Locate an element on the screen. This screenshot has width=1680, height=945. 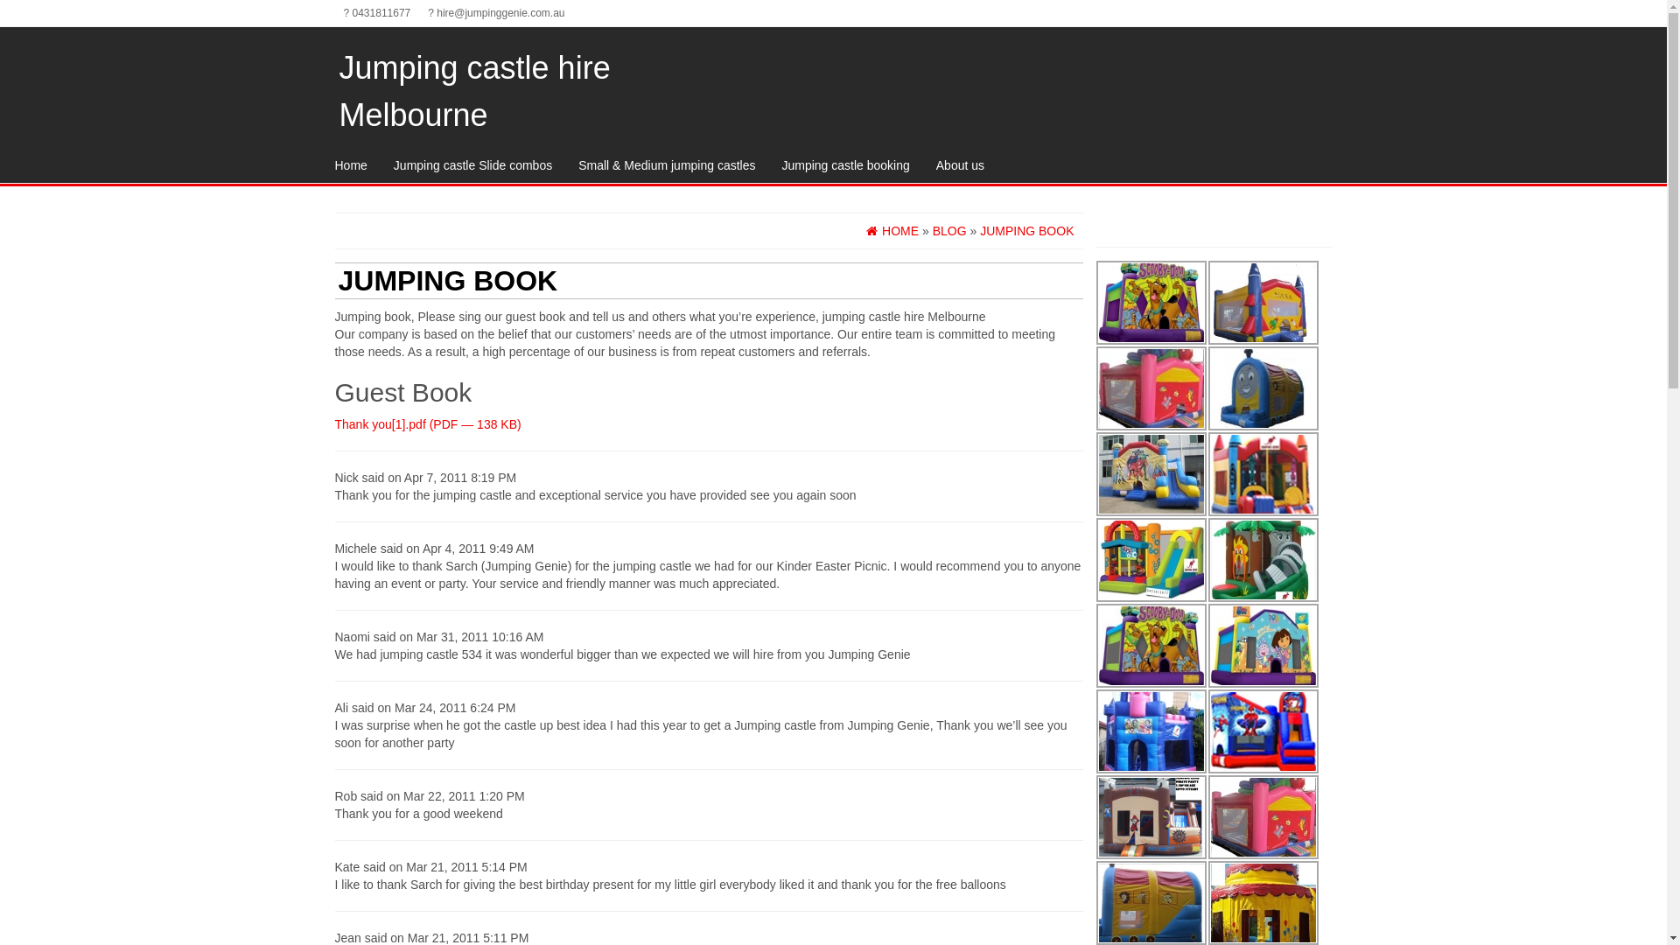
'0_0_0_0_250_188_csupload_49112220.jpg' is located at coordinates (1151, 474).